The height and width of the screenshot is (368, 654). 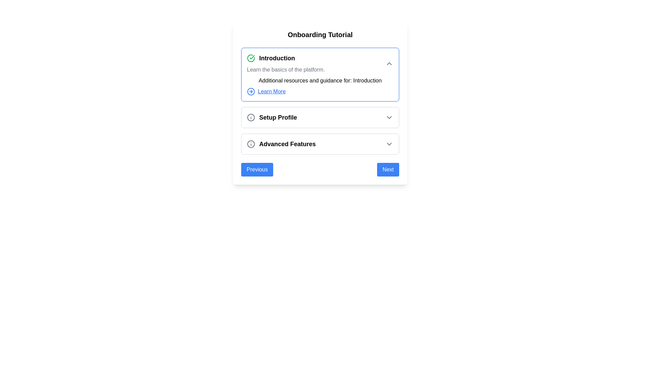 What do you see at coordinates (251, 58) in the screenshot?
I see `the confirmation icon that indicates the 'Introduction' section has been completed, located at the top left corner of the 'Introduction' section in the 'Onboarding Tutorial' interface` at bounding box center [251, 58].